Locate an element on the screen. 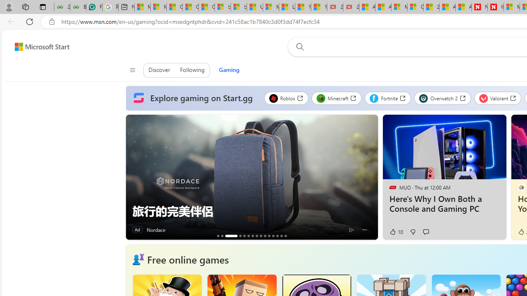 The width and height of the screenshot is (527, 296). 'MUO' is located at coordinates (392, 187).